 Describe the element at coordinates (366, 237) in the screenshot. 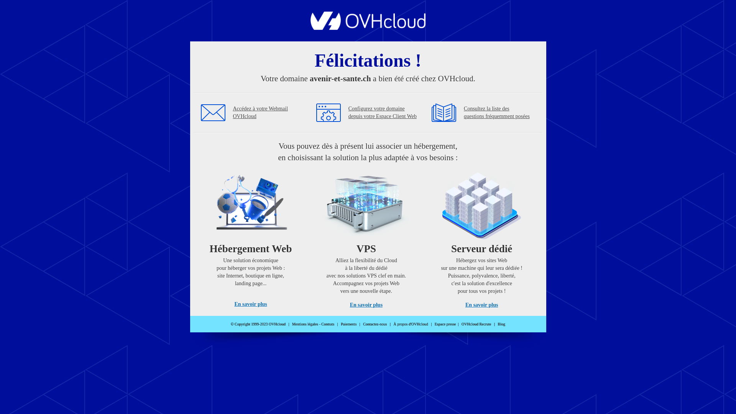

I see `'VPS'` at that location.